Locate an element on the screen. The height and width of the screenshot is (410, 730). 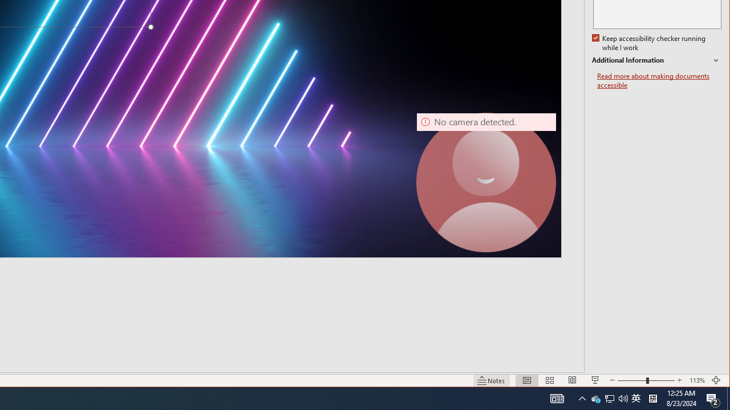
'Camera 7, No camera detected.' is located at coordinates (486, 182).